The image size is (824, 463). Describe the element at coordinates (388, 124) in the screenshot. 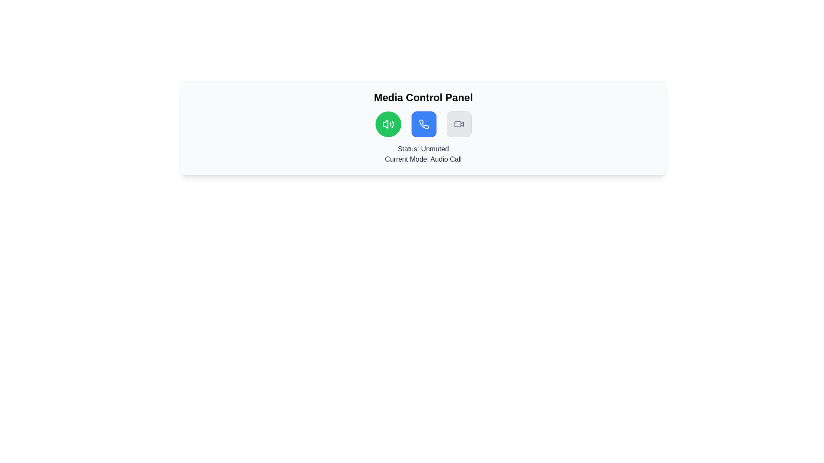

I see `the first icon button in the media control panel` at that location.